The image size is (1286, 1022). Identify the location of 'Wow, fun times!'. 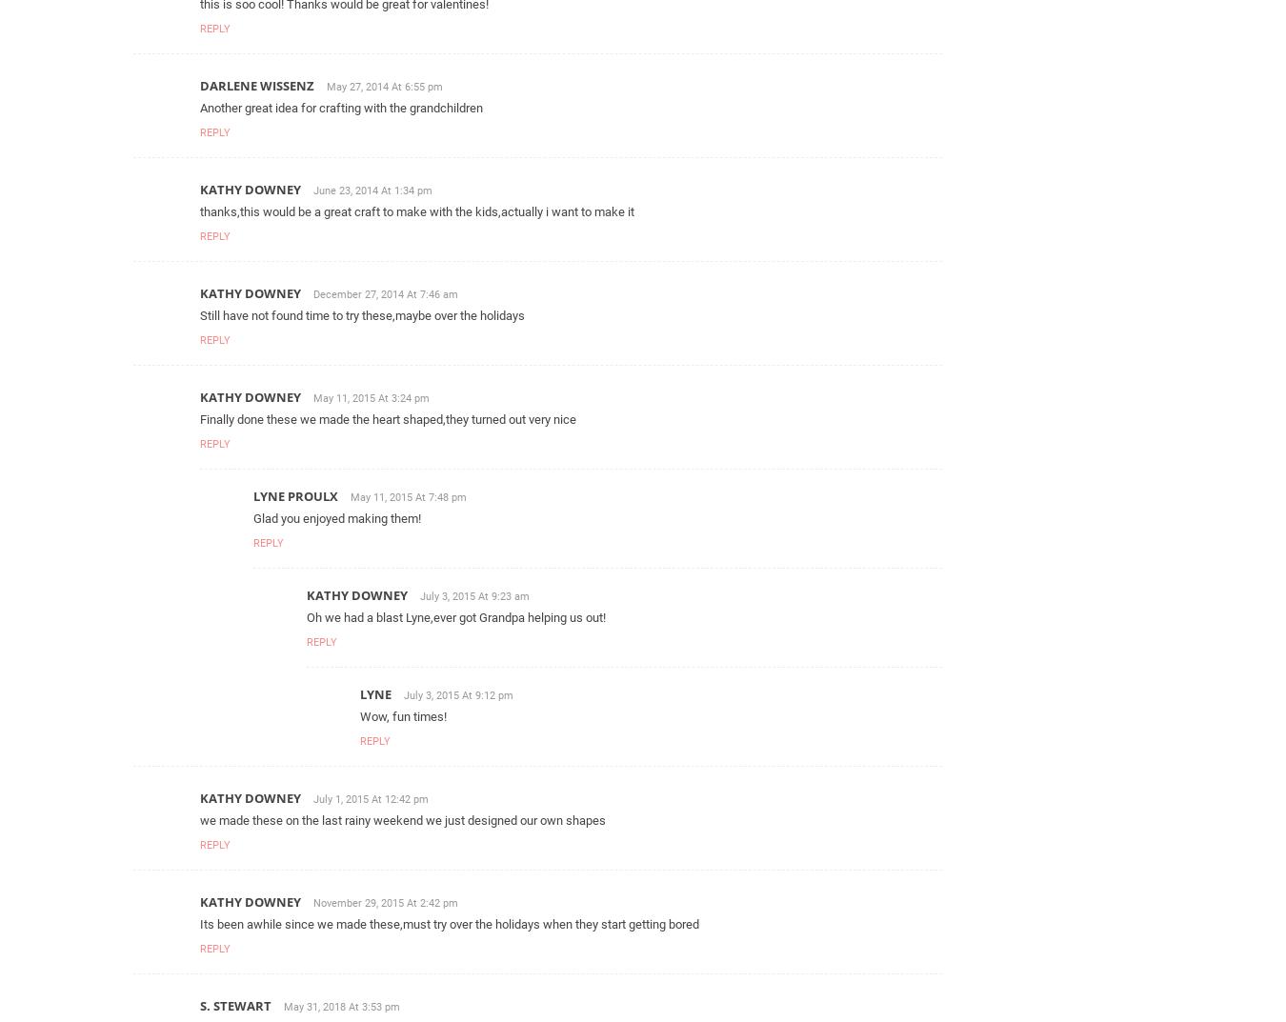
(403, 714).